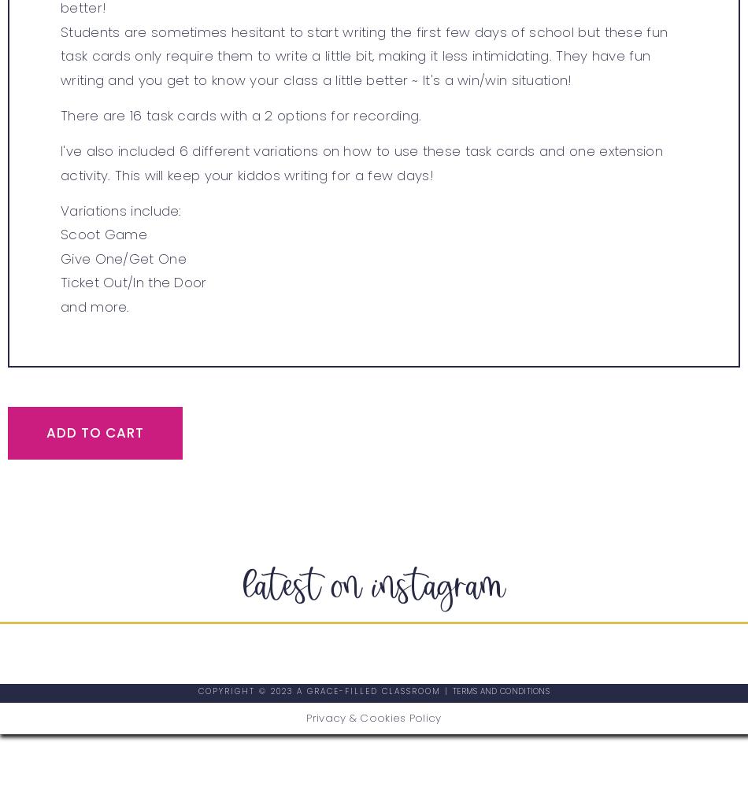 The width and height of the screenshot is (748, 787). What do you see at coordinates (372, 717) in the screenshot?
I see `'Privacy & Cookies Policy'` at bounding box center [372, 717].